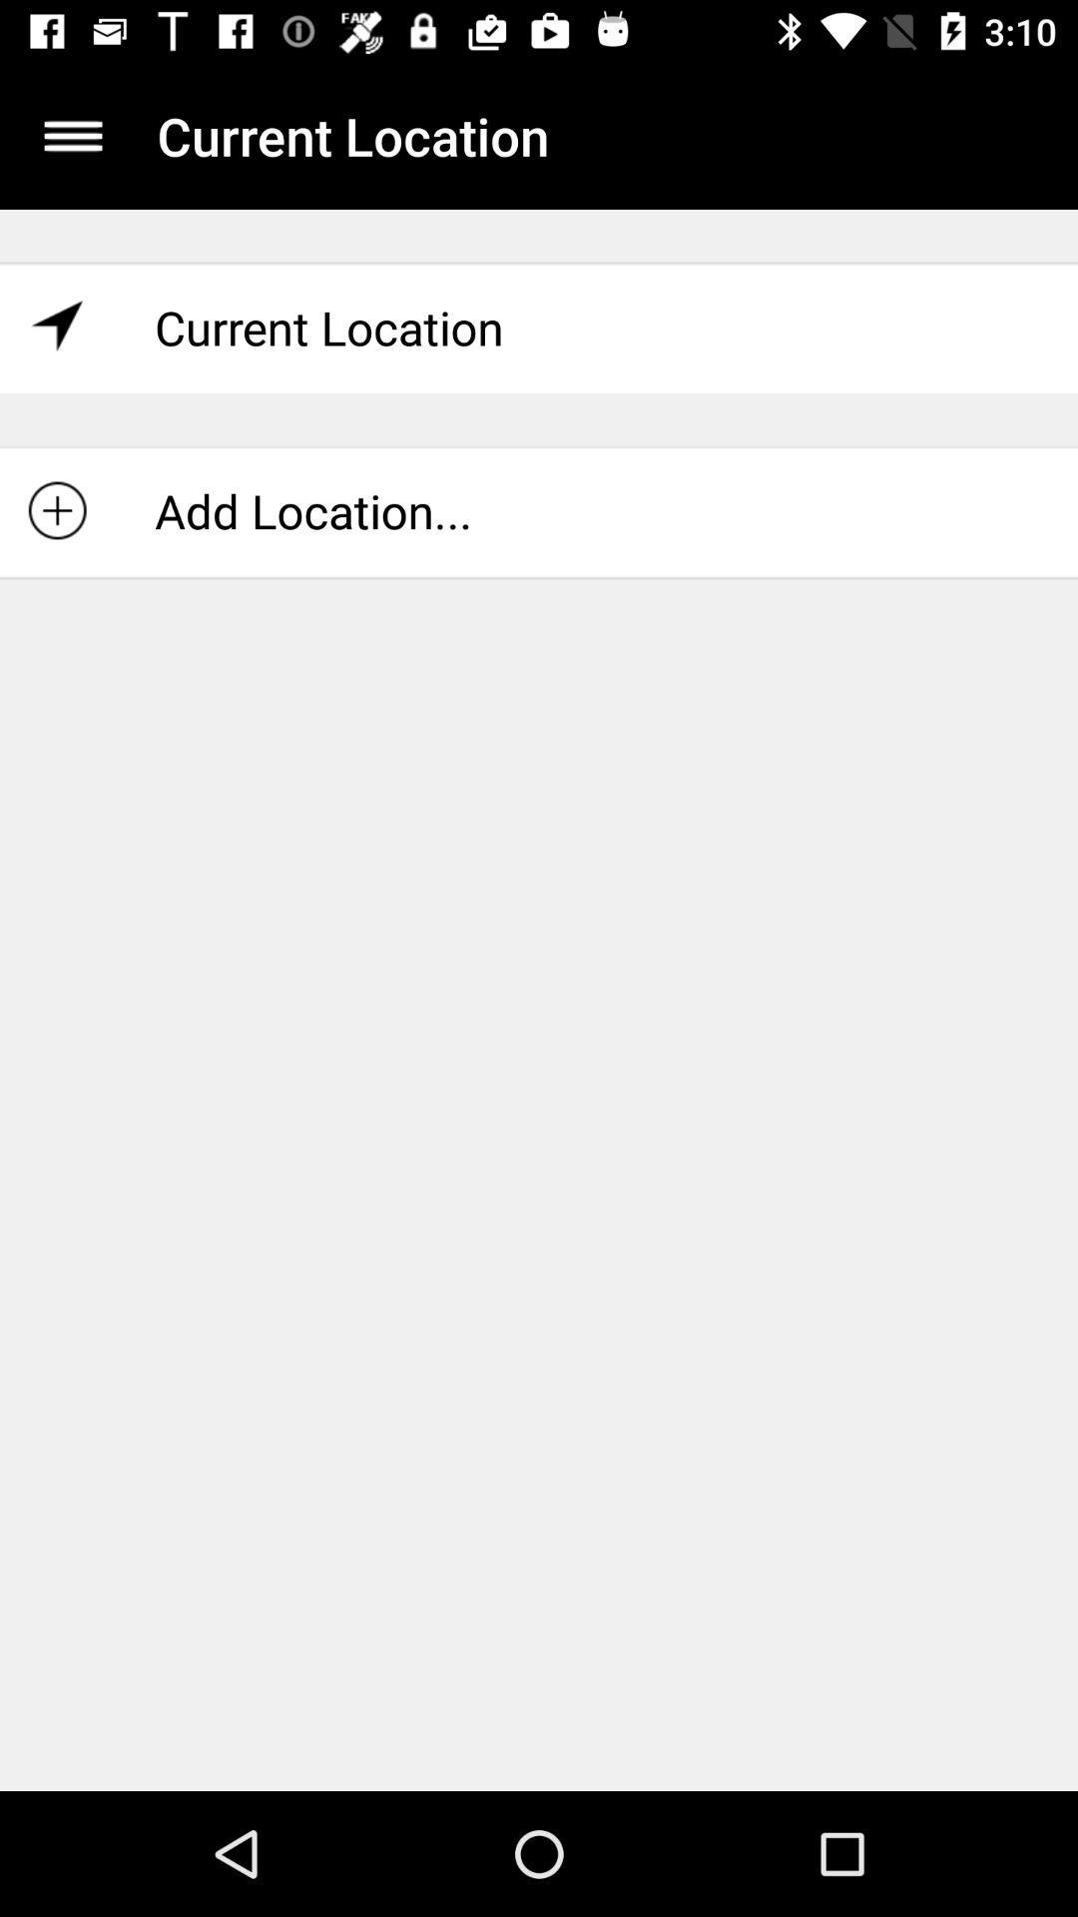 The image size is (1078, 1917). What do you see at coordinates (72, 135) in the screenshot?
I see `menu list` at bounding box center [72, 135].